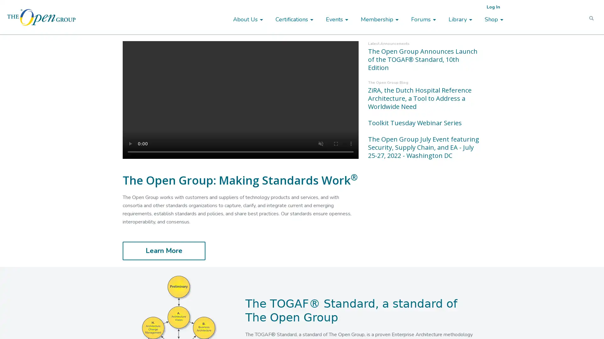 The image size is (604, 339). What do you see at coordinates (321, 144) in the screenshot?
I see `unmute` at bounding box center [321, 144].